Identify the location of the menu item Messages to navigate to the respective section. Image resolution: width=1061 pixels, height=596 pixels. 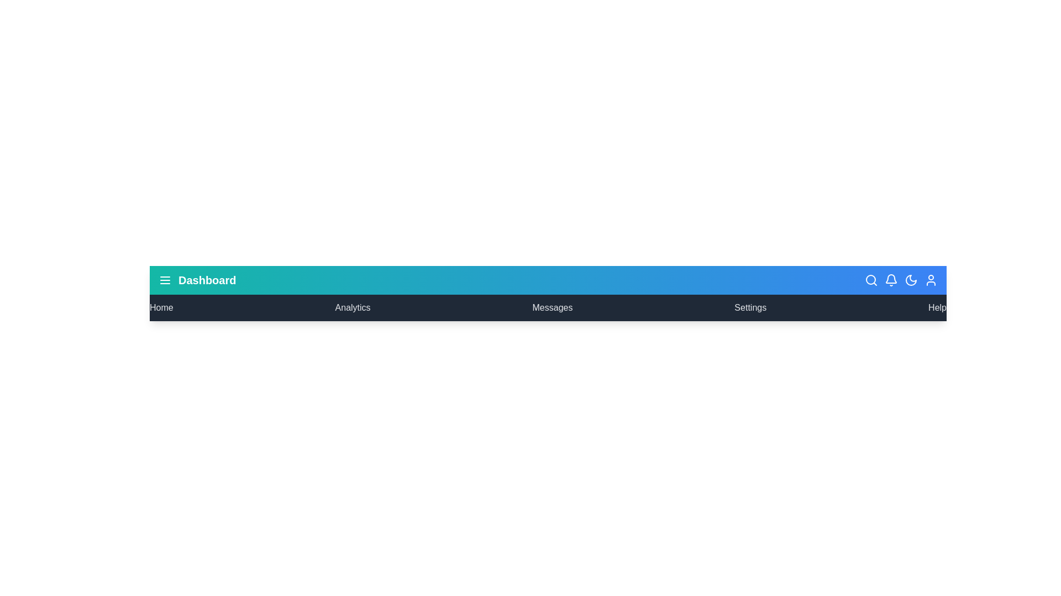
(552, 308).